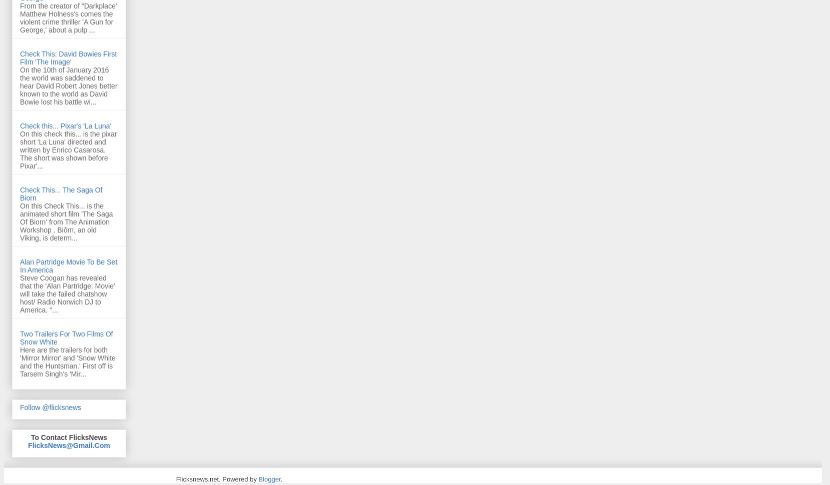  I want to click on 'On this Check This... is the animated short film 'The Saga Of Biorn' from The Animation Workshop .   Biôrn, an old Viking, is determ...', so click(19, 220).